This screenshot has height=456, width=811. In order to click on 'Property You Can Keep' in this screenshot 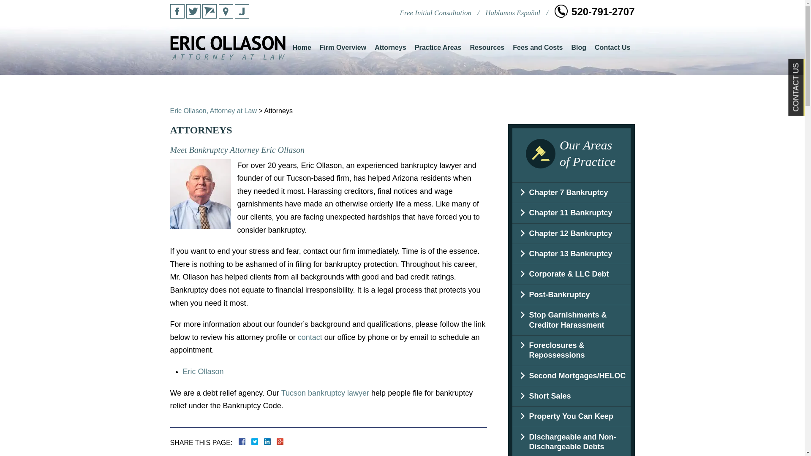, I will do `click(571, 416)`.